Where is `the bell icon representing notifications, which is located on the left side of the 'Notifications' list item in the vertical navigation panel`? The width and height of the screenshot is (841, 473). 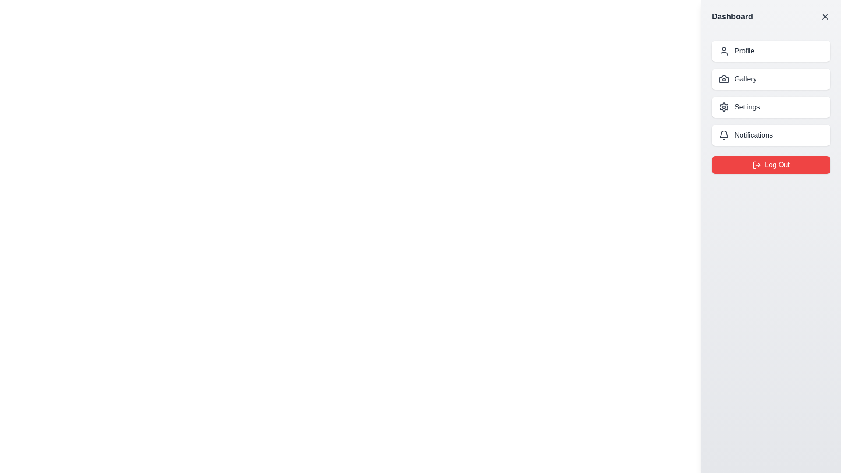
the bell icon representing notifications, which is located on the left side of the 'Notifications' list item in the vertical navigation panel is located at coordinates (724, 135).